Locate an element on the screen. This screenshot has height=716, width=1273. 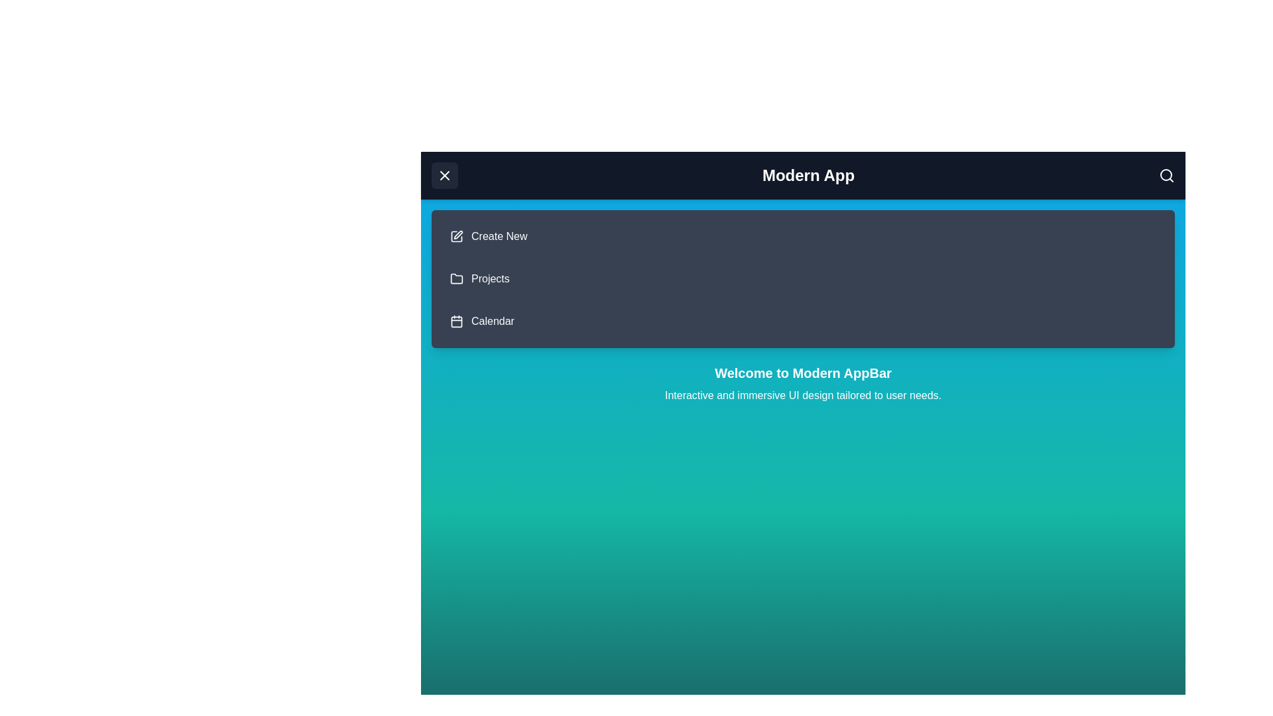
the search icon located at the top-right corner of the app bar is located at coordinates (1167, 175).